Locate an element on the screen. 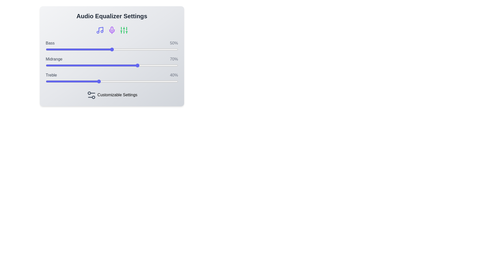 This screenshot has width=481, height=270. the Sliders icon to perform its associated action is located at coordinates (124, 30).